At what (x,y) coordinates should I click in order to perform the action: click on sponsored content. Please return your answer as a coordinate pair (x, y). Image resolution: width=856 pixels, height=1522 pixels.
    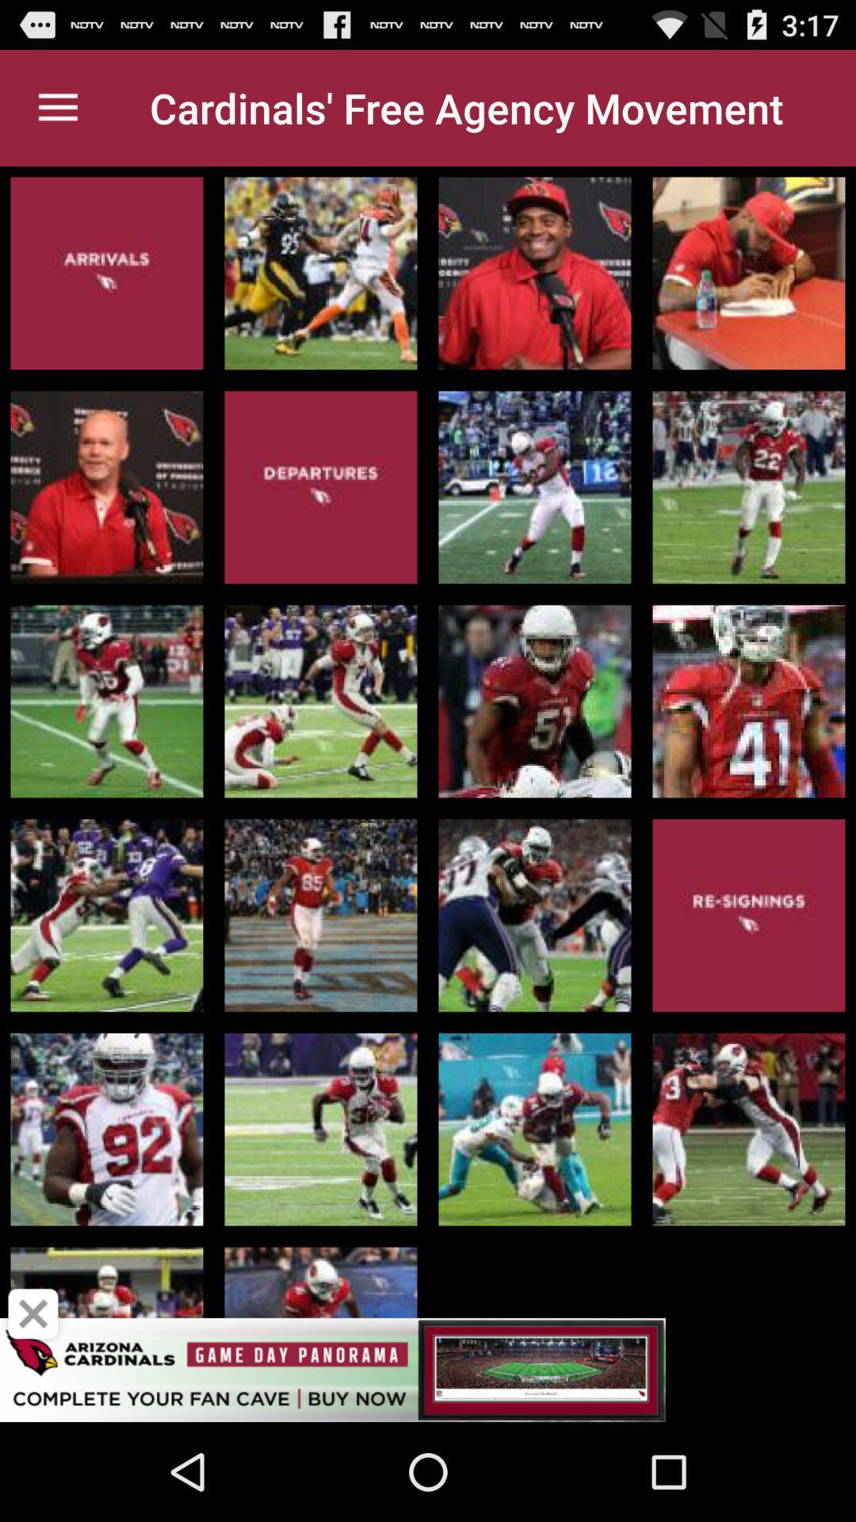
    Looking at the image, I should click on (428, 1369).